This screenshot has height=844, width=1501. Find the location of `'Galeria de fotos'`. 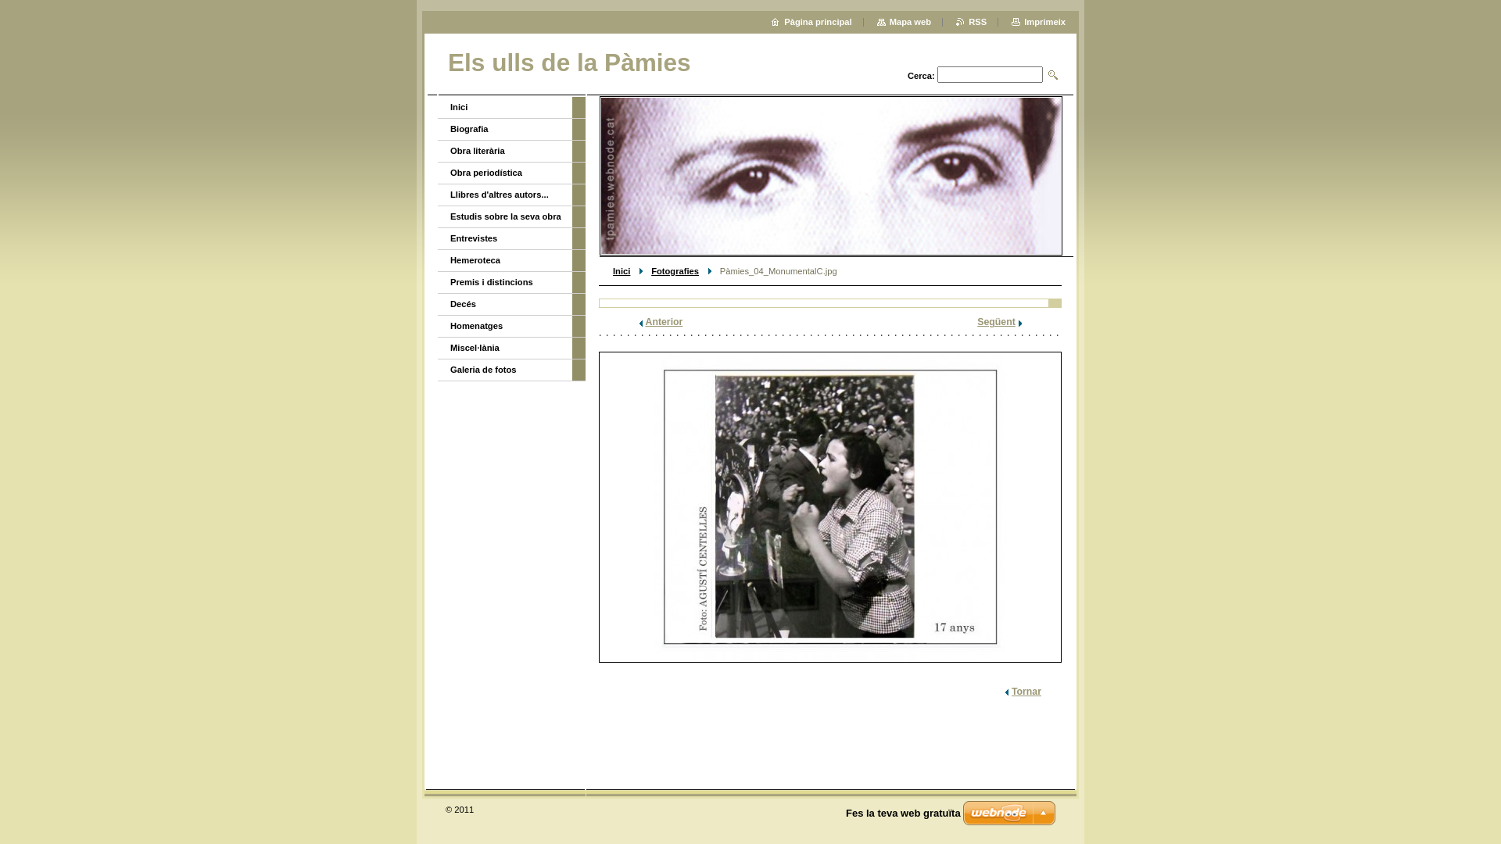

'Galeria de fotos' is located at coordinates (505, 370).